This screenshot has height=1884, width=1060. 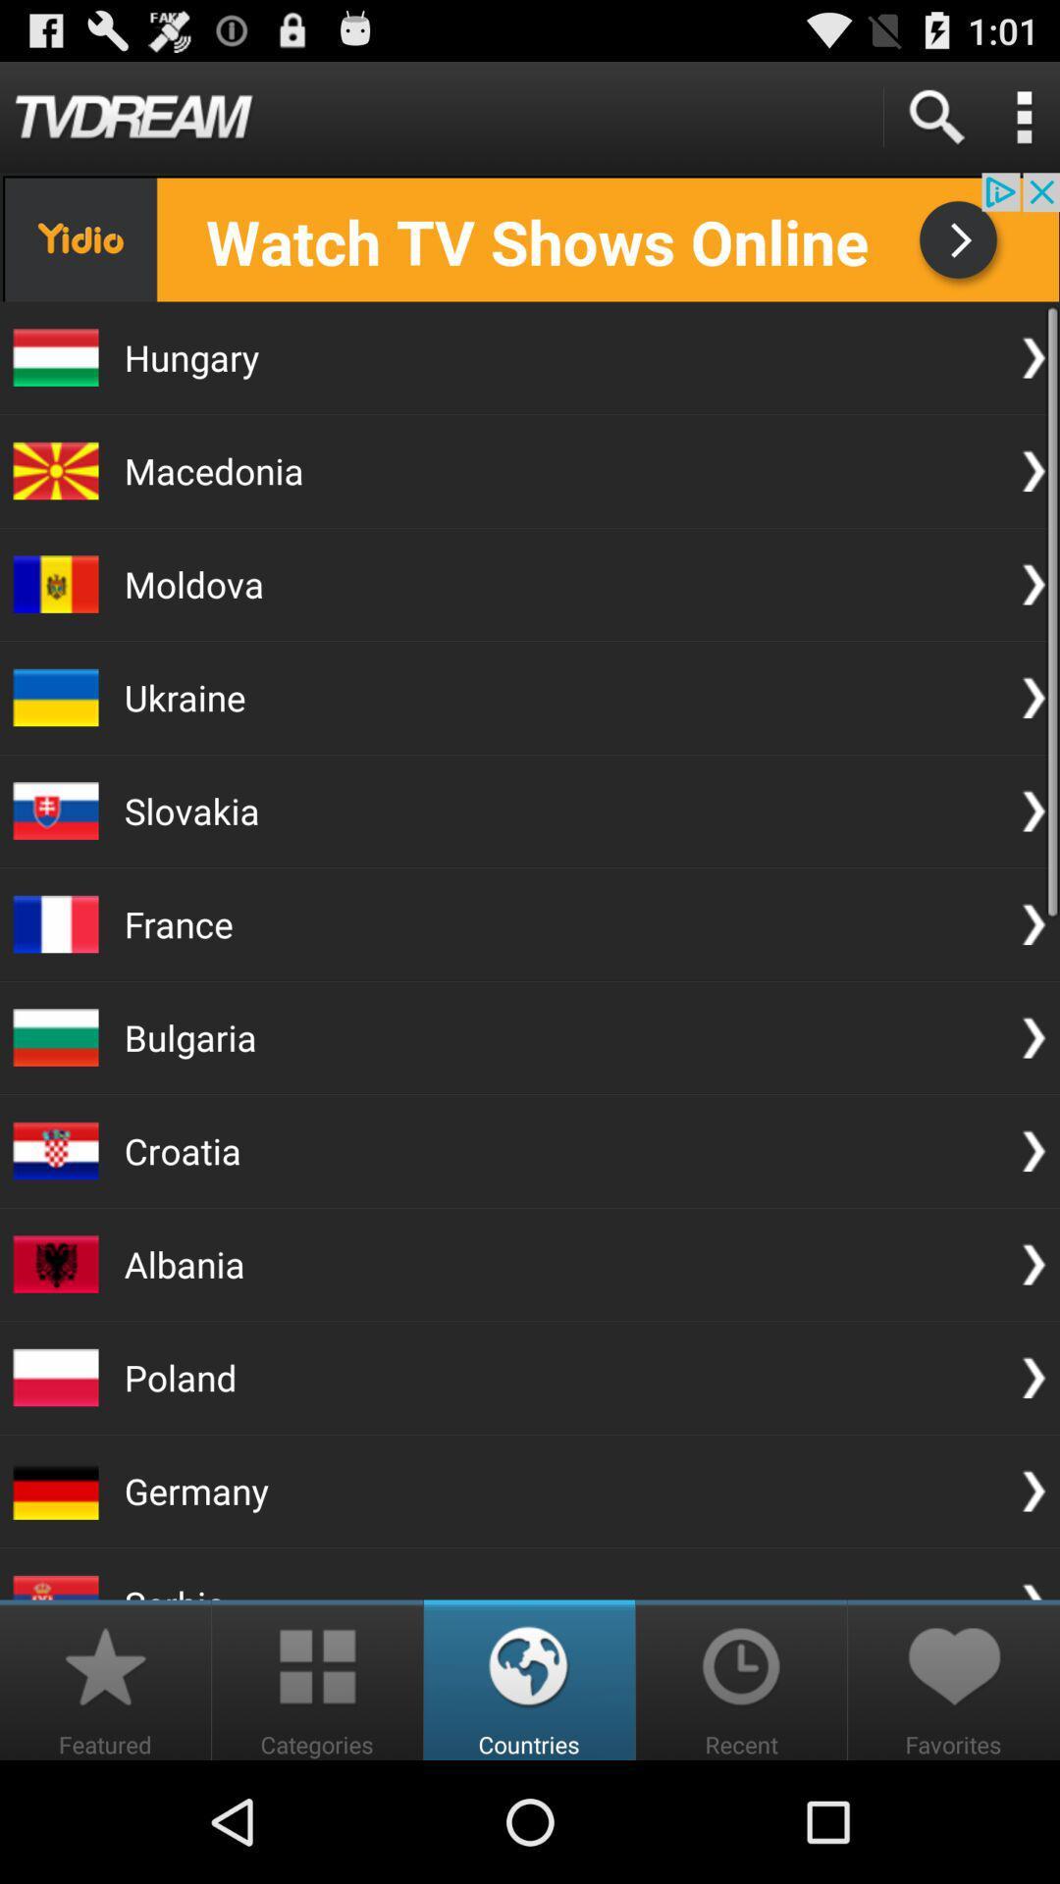 What do you see at coordinates (1033, 1376) in the screenshot?
I see `the arrow icon beside poland` at bounding box center [1033, 1376].